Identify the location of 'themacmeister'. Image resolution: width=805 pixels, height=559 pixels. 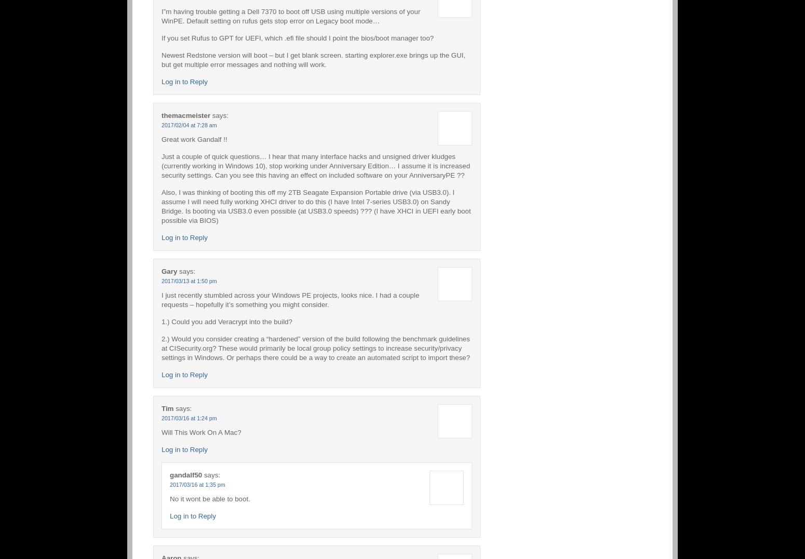
(161, 114).